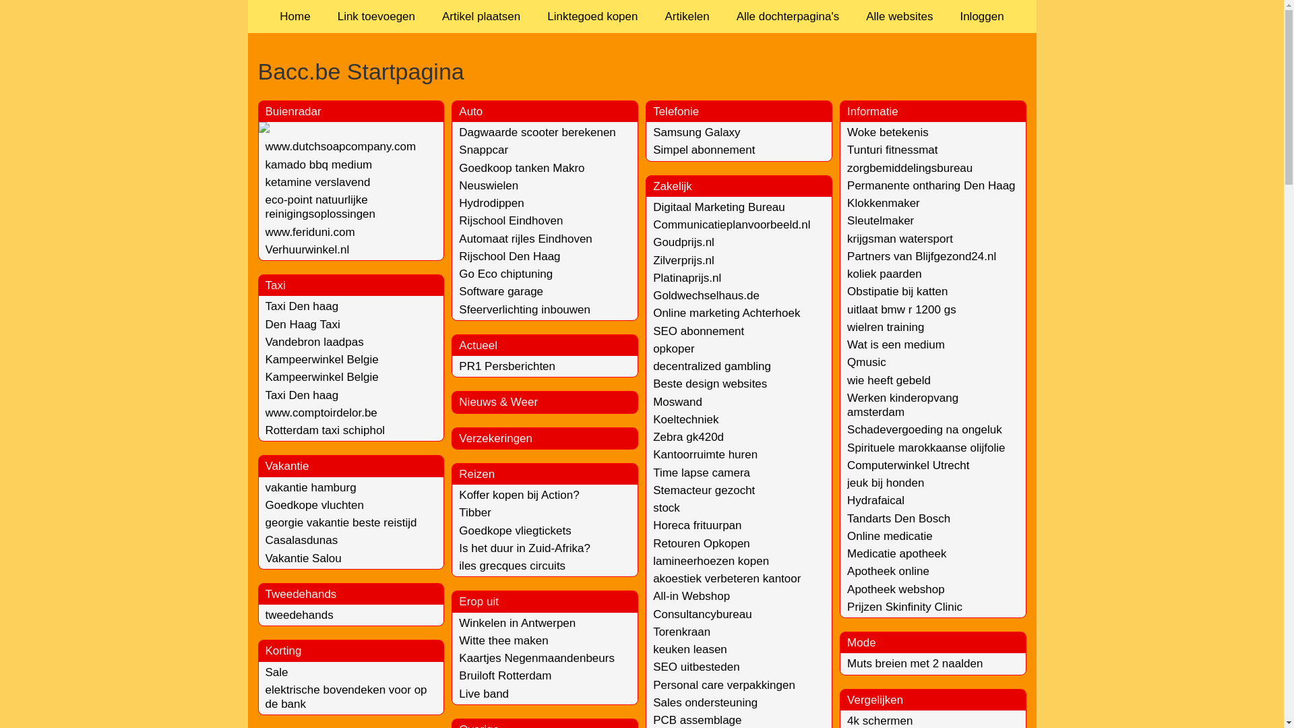 This screenshot has width=1294, height=728. What do you see at coordinates (292, 111) in the screenshot?
I see `'Buienradar'` at bounding box center [292, 111].